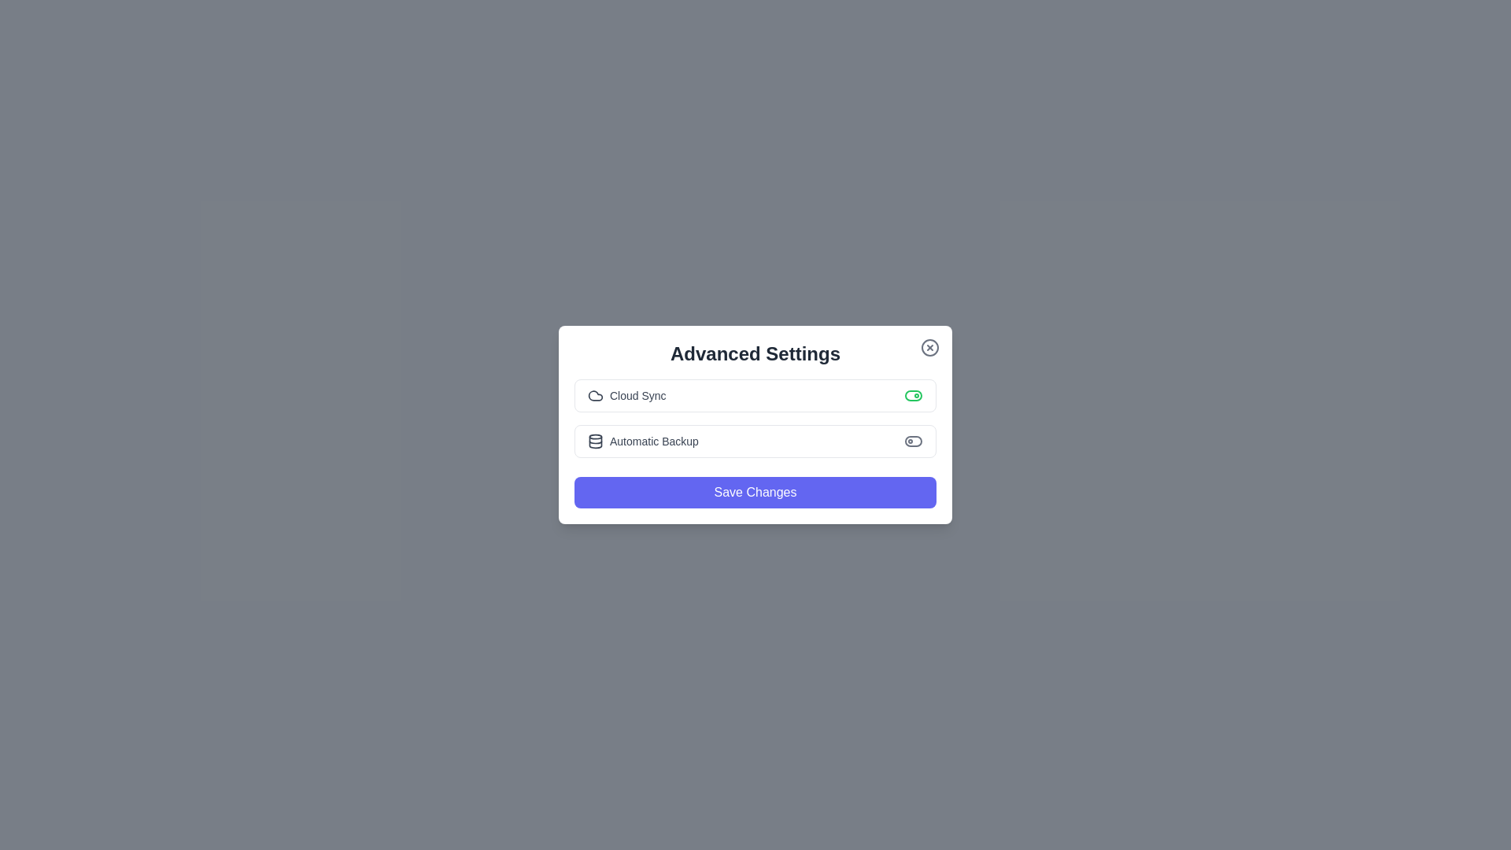 The image size is (1511, 850). Describe the element at coordinates (626, 394) in the screenshot. I see `the information represented by the Text label related to cloud synchronization, located at the top of the Advanced Settings section in the settings panel` at that location.